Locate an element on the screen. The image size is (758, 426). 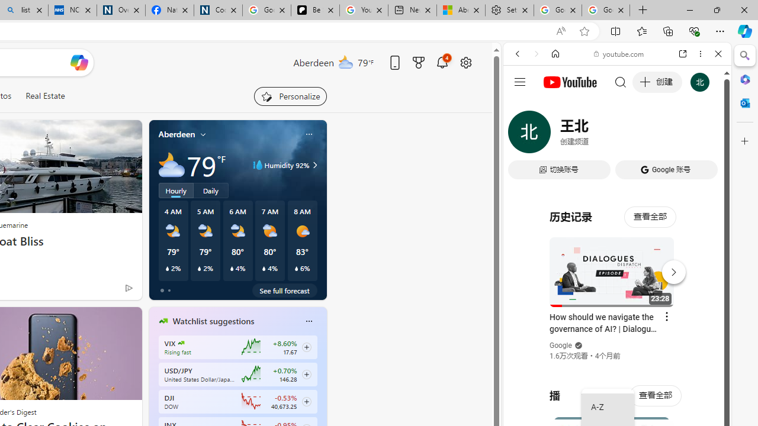
'tab-0' is located at coordinates (161, 291).